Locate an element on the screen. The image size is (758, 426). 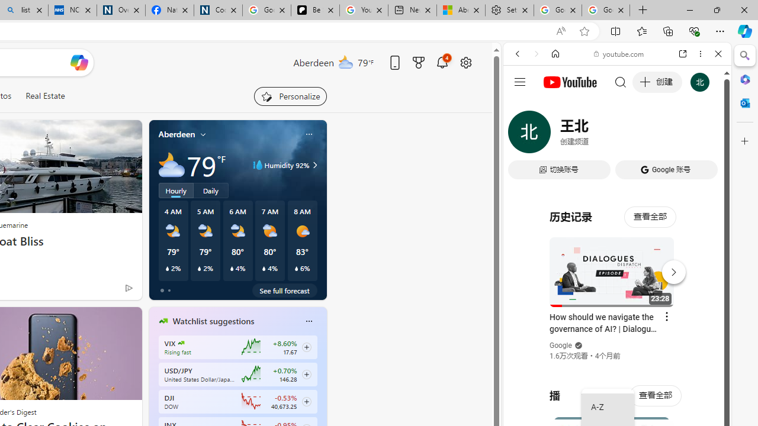
'tab-0' is located at coordinates (161, 291).